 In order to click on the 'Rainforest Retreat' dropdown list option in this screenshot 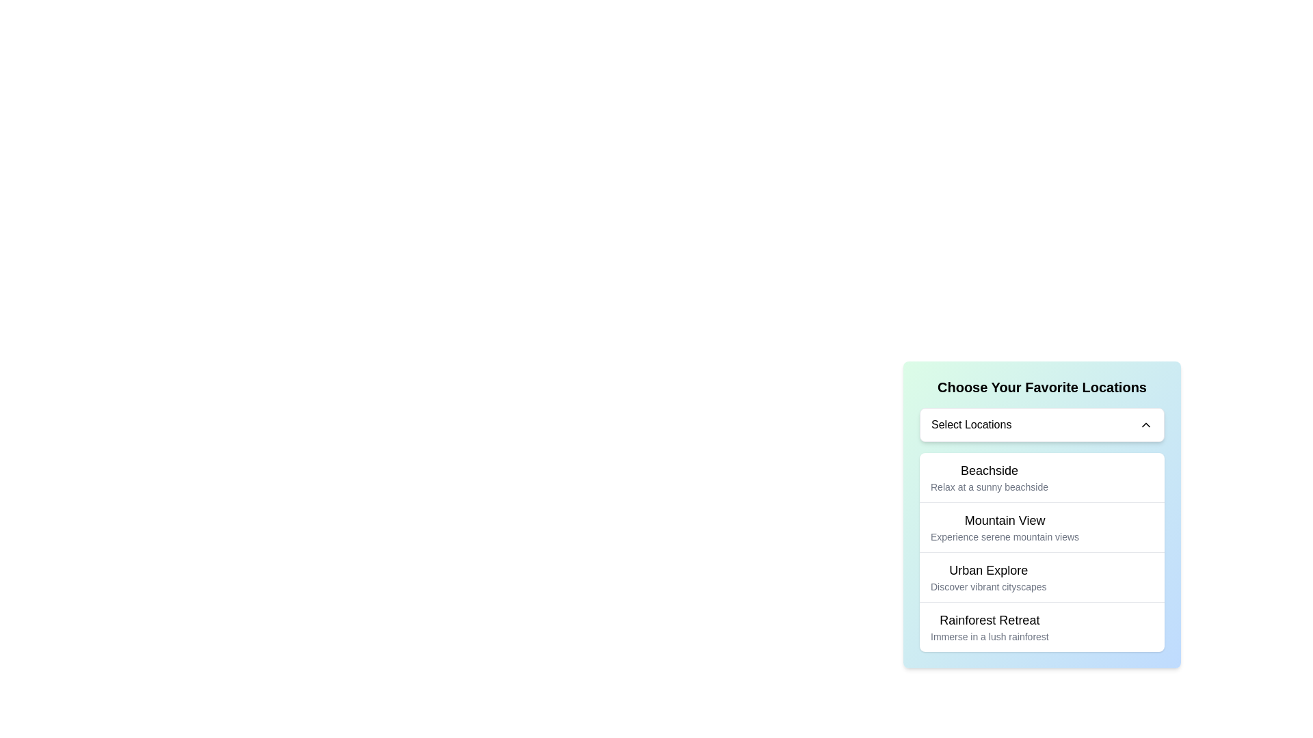, I will do `click(990, 627)`.